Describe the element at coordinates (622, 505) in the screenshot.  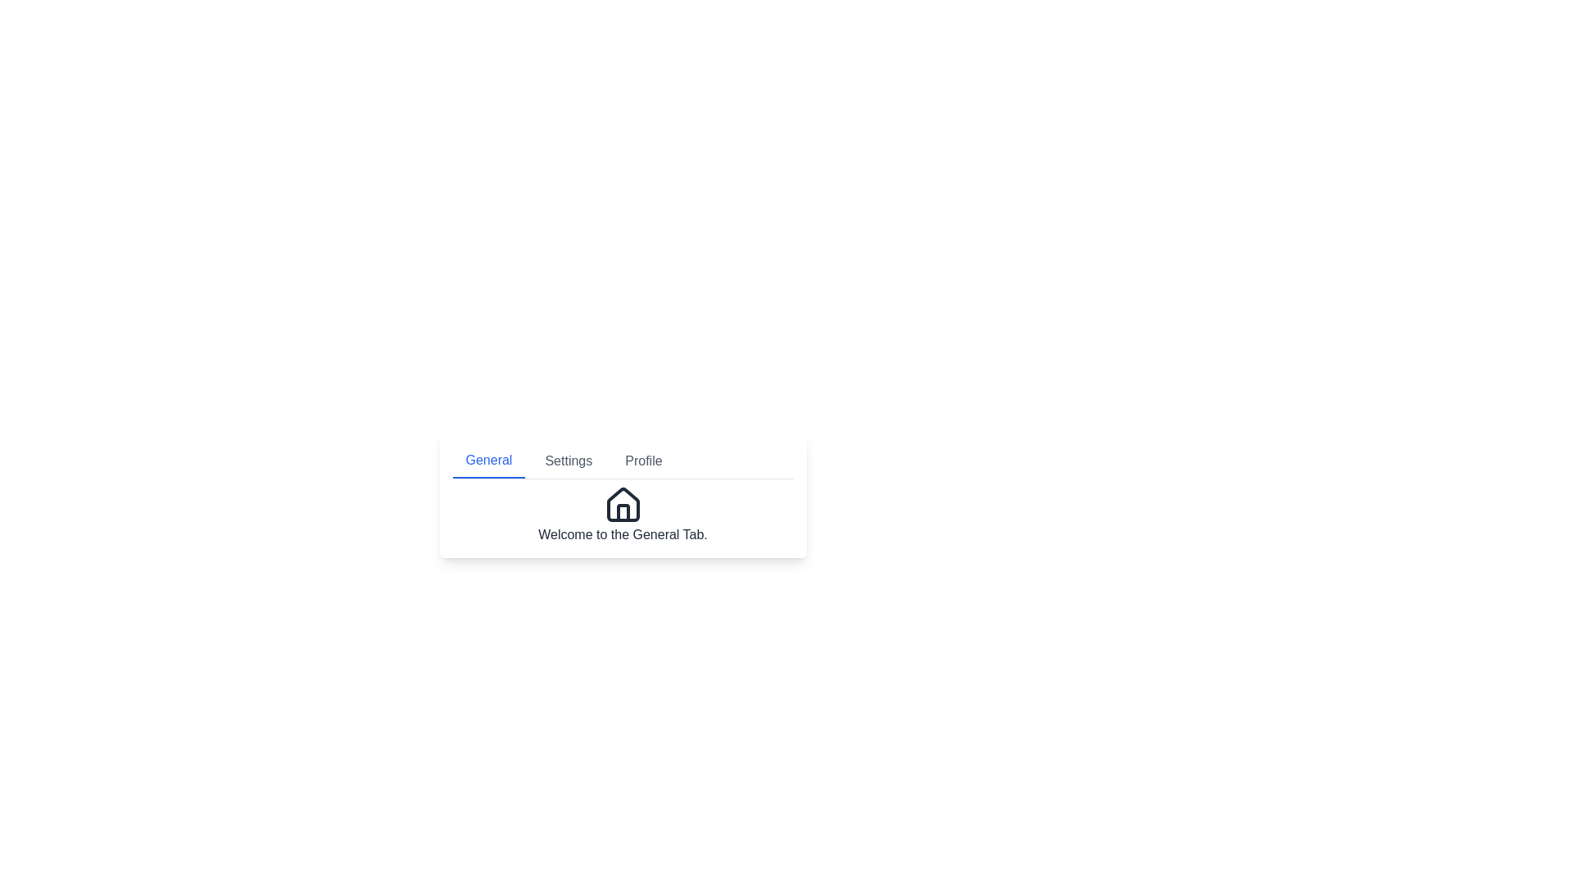
I see `the house icon, which is a simple, modern design in black and white` at that location.